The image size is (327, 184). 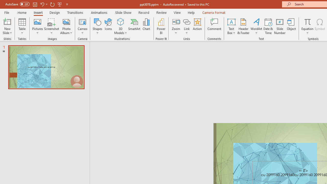 What do you see at coordinates (307, 26) in the screenshot?
I see `'Equation'` at bounding box center [307, 26].